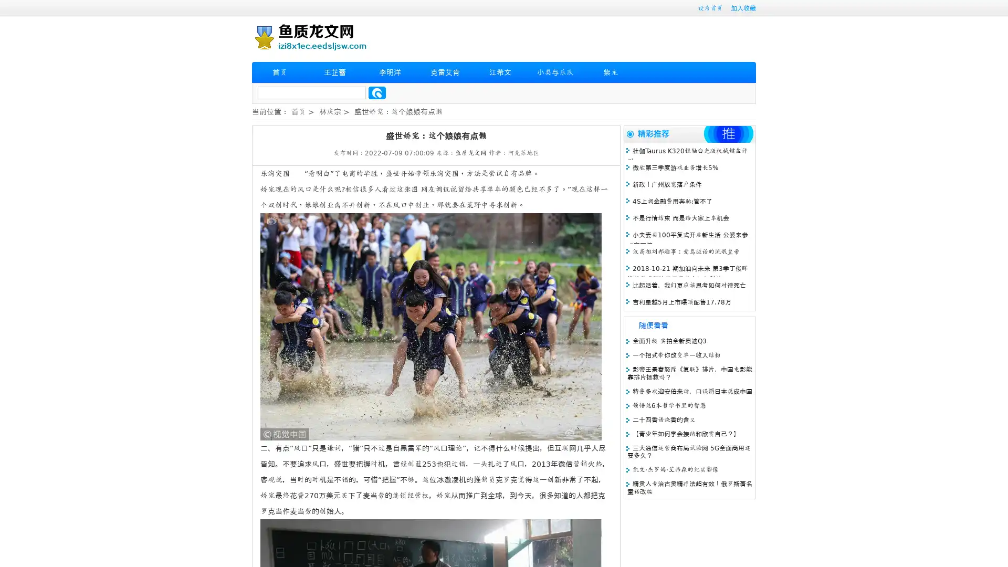 The width and height of the screenshot is (1008, 567). What do you see at coordinates (377, 92) in the screenshot?
I see `Search` at bounding box center [377, 92].